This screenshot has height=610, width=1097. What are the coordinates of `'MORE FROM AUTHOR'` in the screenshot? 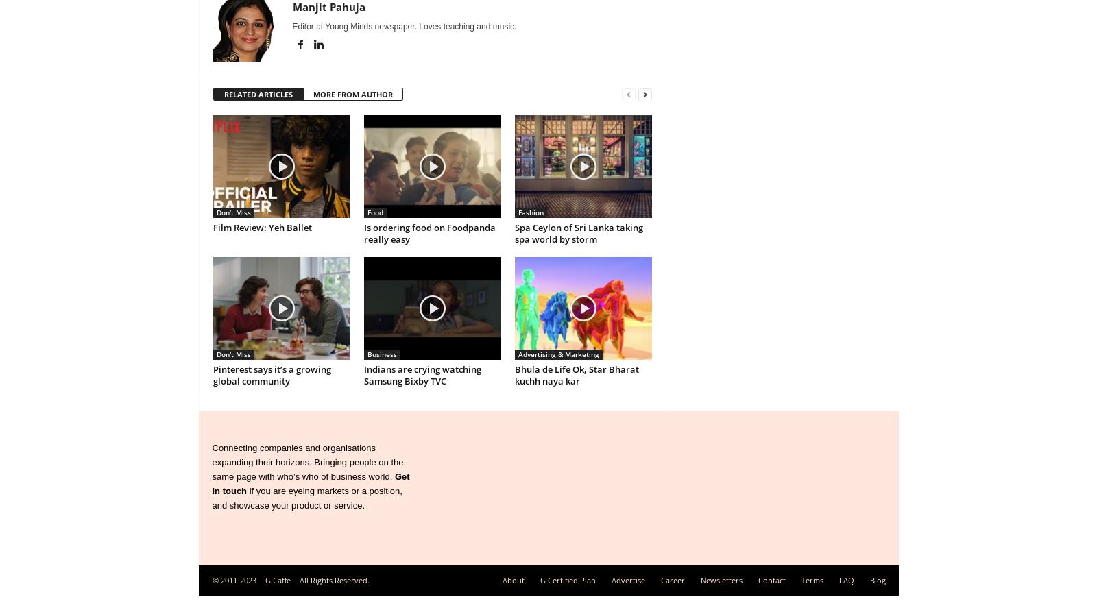 It's located at (351, 93).